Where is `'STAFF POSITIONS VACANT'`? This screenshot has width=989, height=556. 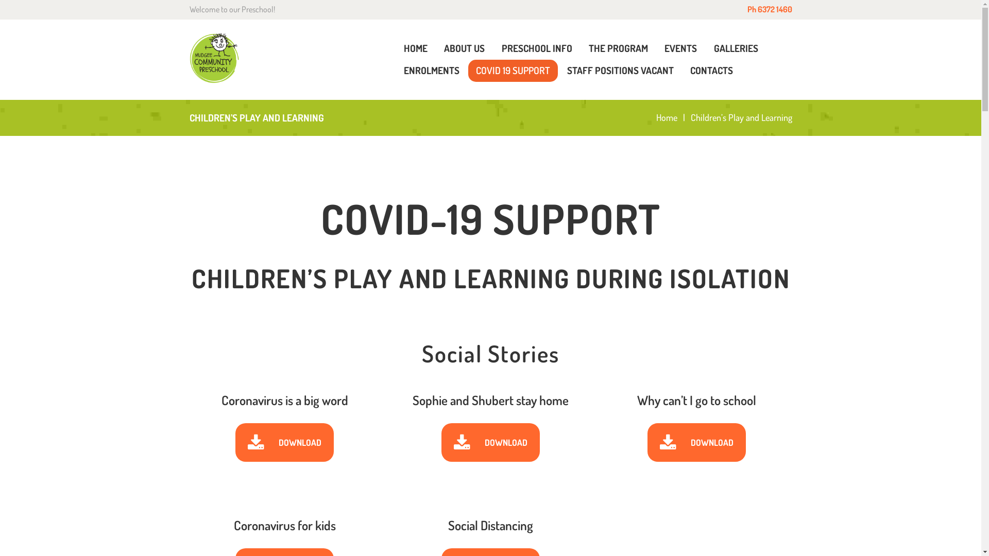 'STAFF POSITIONS VACANT' is located at coordinates (619, 70).